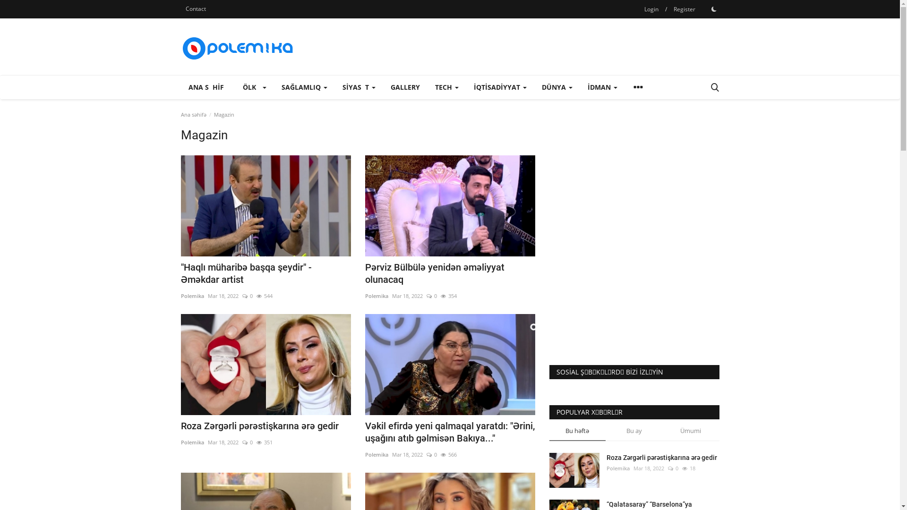  Describe the element at coordinates (650, 9) in the screenshot. I see `'Login'` at that location.